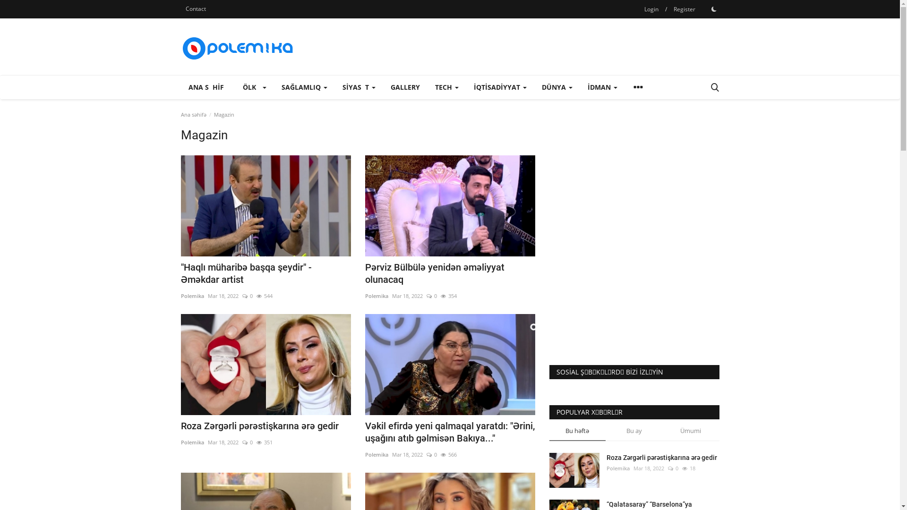  Describe the element at coordinates (650, 9) in the screenshot. I see `'Login'` at that location.